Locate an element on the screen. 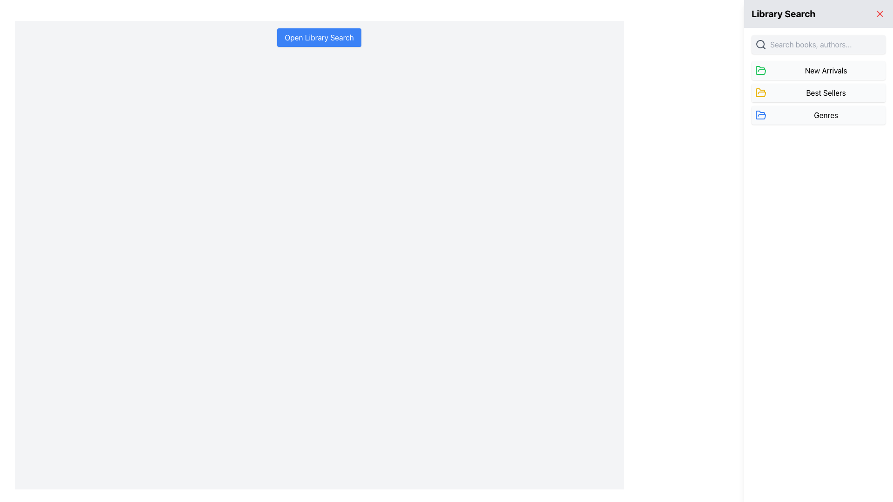 The width and height of the screenshot is (893, 502). the 'Genres' button in the right sidebar under the 'Library Search' section is located at coordinates (819, 114).